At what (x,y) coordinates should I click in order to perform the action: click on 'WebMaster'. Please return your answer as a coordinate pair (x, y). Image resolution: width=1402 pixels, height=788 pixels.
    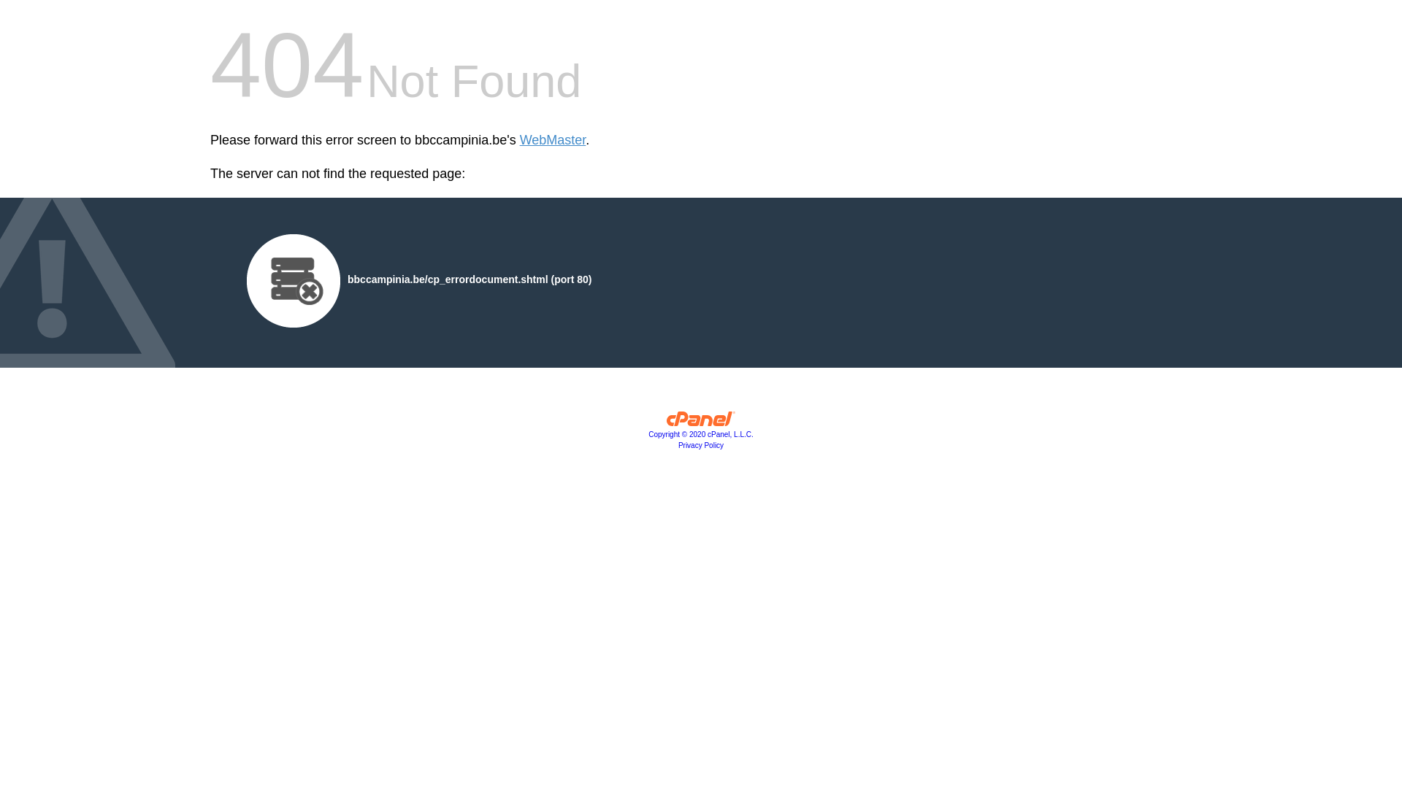
    Looking at the image, I should click on (552, 140).